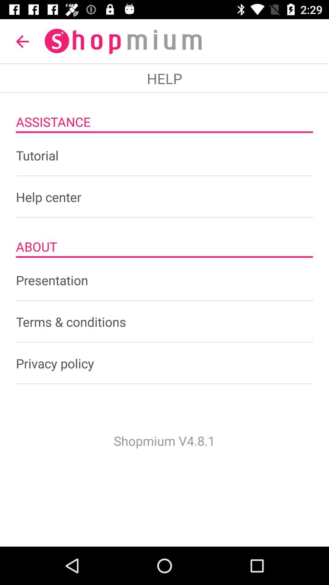 This screenshot has height=585, width=329. Describe the element at coordinates (22, 41) in the screenshot. I see `icon at the top left corner` at that location.